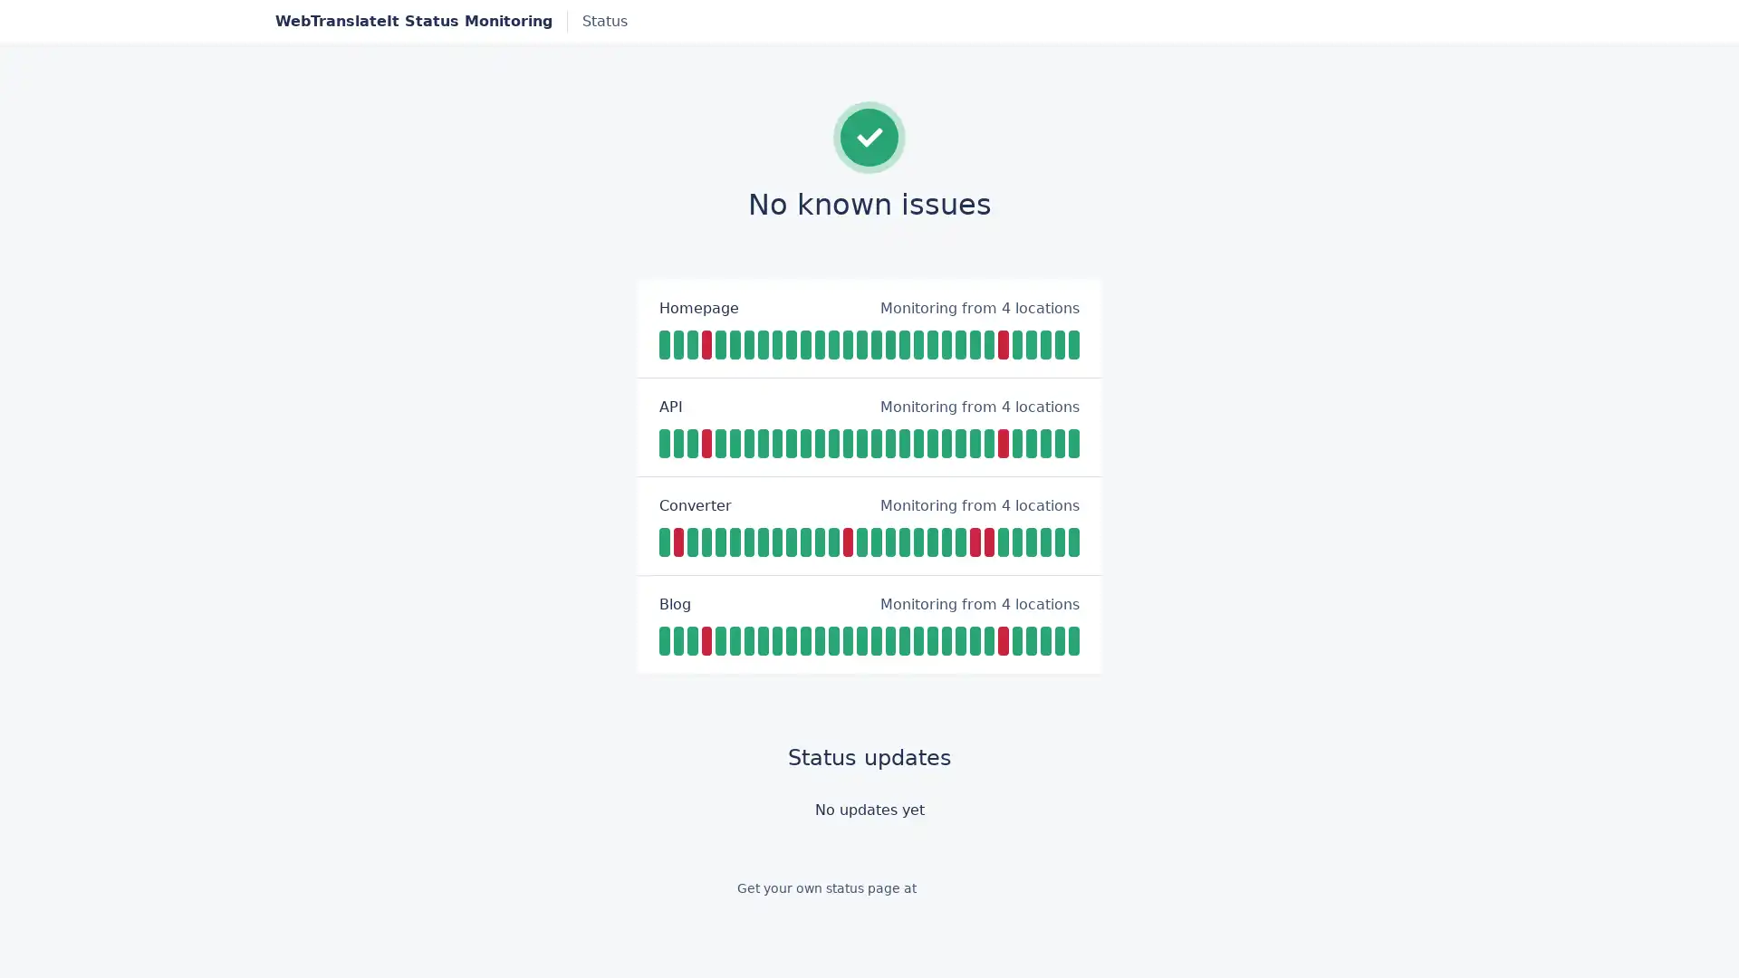  Describe the element at coordinates (695, 505) in the screenshot. I see `Converter` at that location.